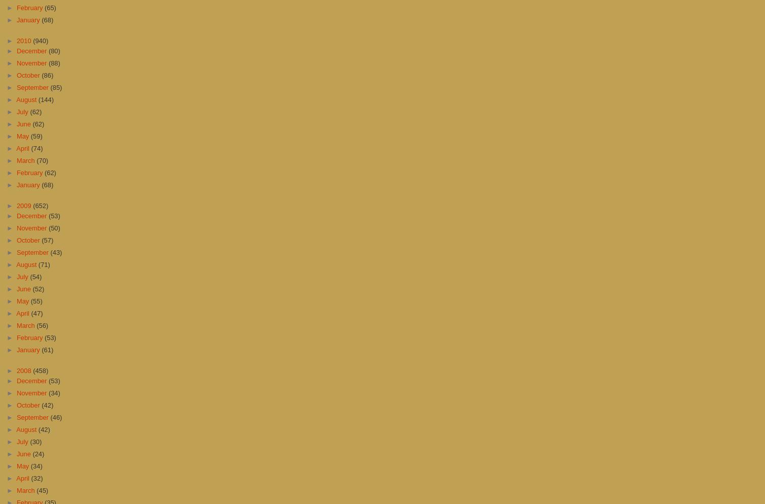  I want to click on '(56)', so click(42, 324).